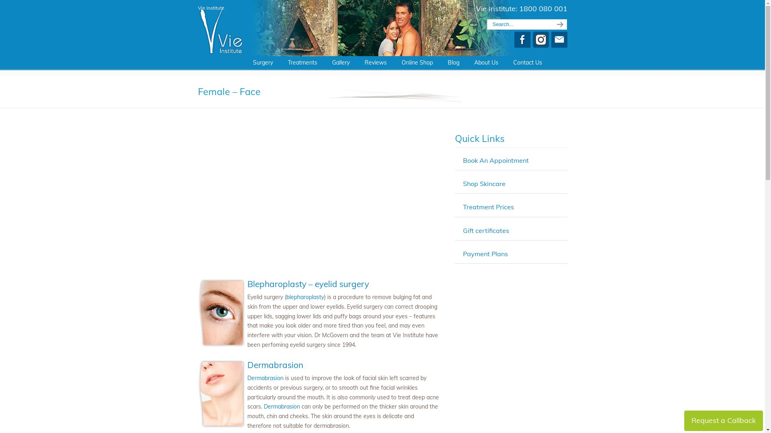 The height and width of the screenshot is (433, 771). I want to click on 'Online Shop', so click(393, 62).